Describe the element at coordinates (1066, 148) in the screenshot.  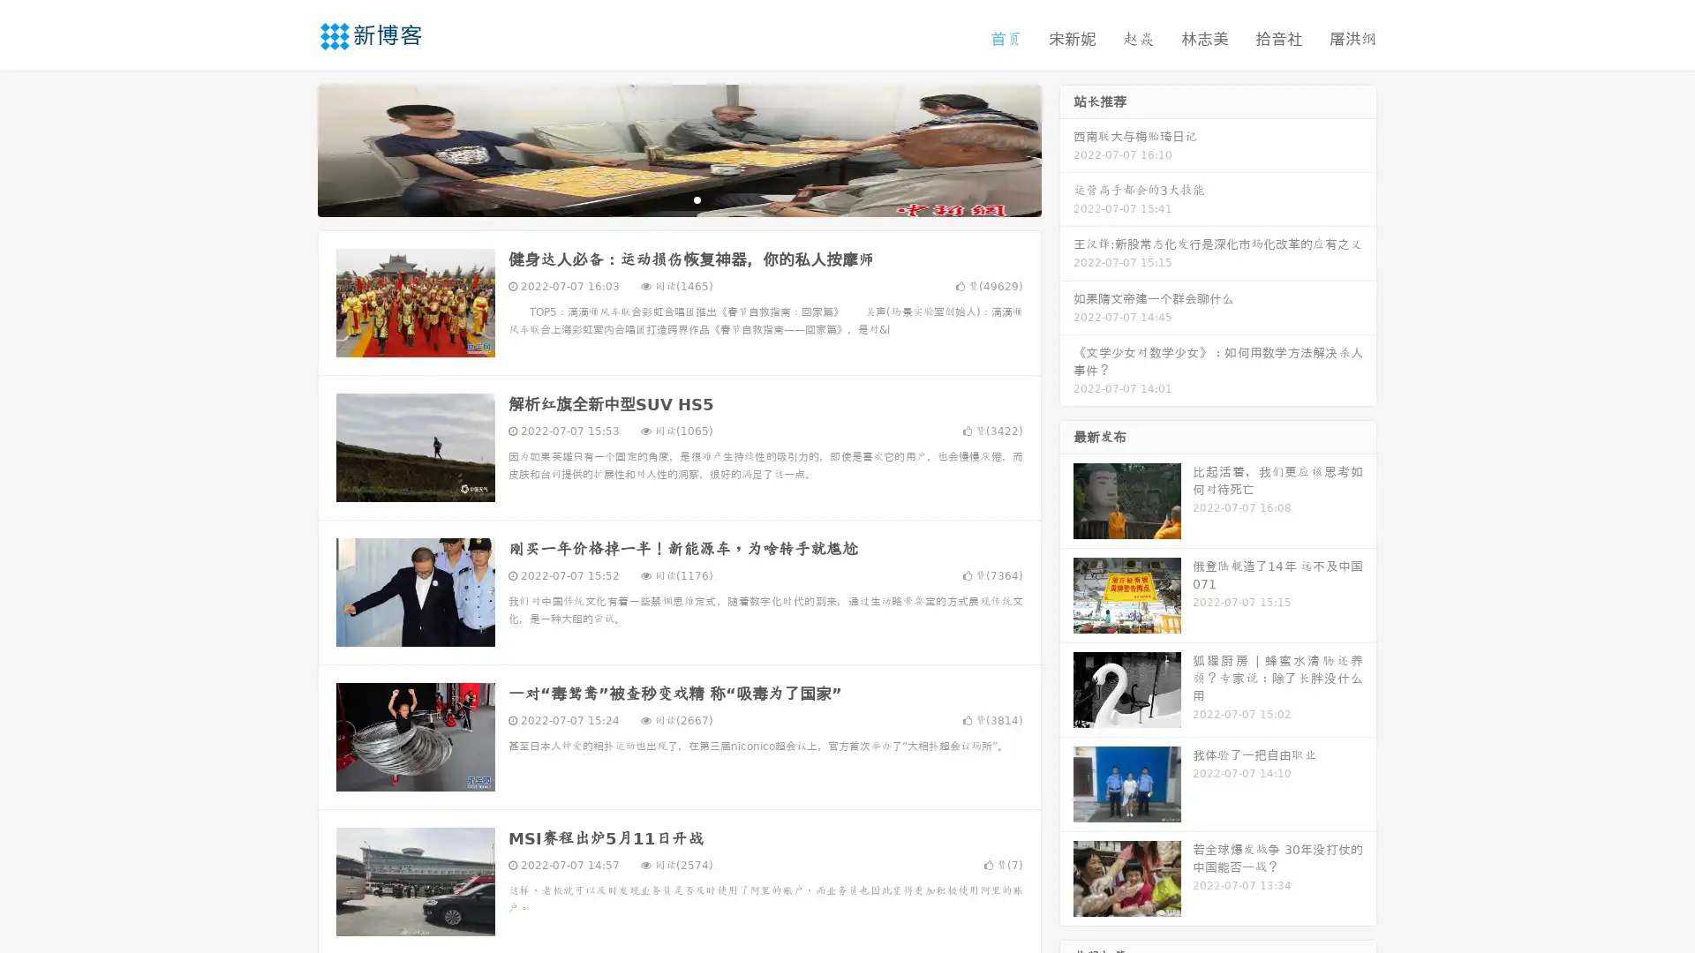
I see `Next slide` at that location.